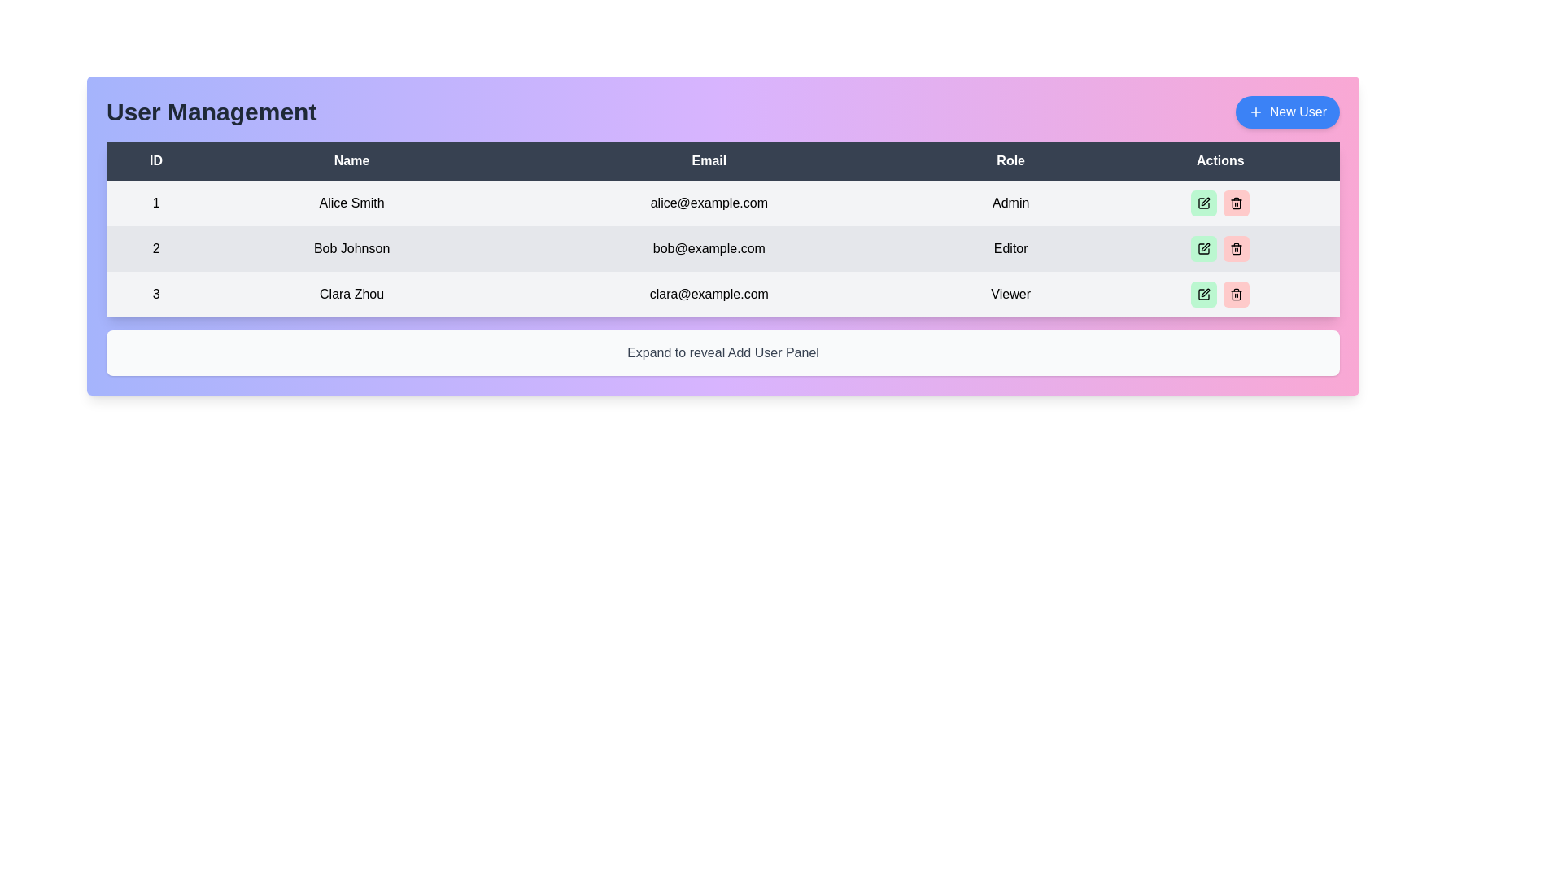 This screenshot has width=1562, height=879. What do you see at coordinates (1237, 295) in the screenshot?
I see `the red button with rounded corners and a trashcan icon located` at bounding box center [1237, 295].